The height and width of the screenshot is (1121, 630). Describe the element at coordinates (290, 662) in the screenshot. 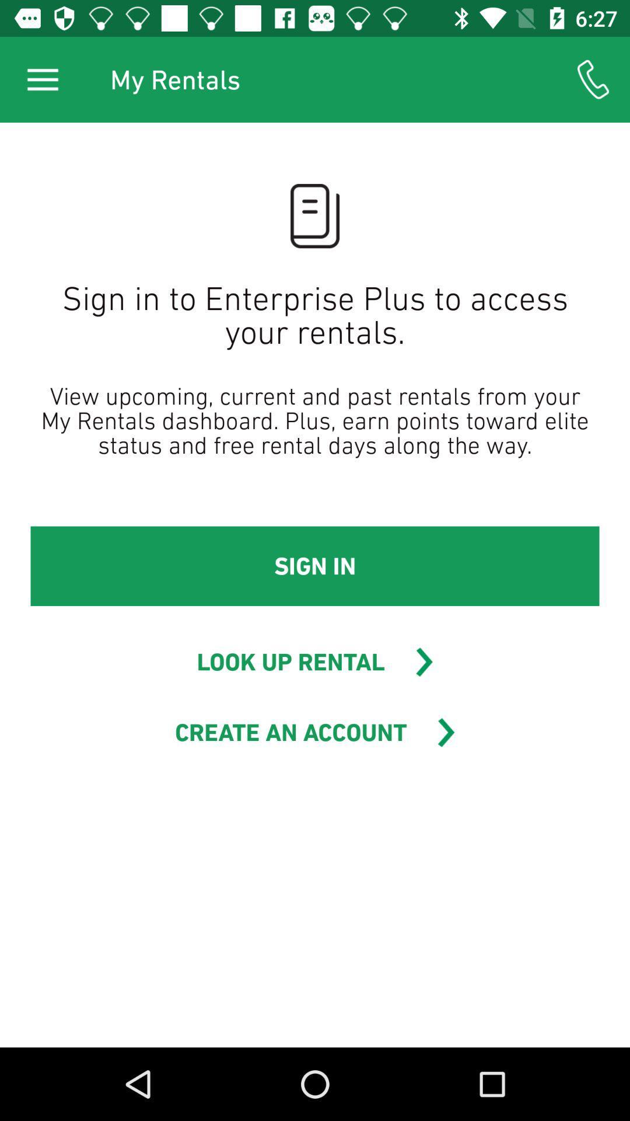

I see `the icon below sign in` at that location.